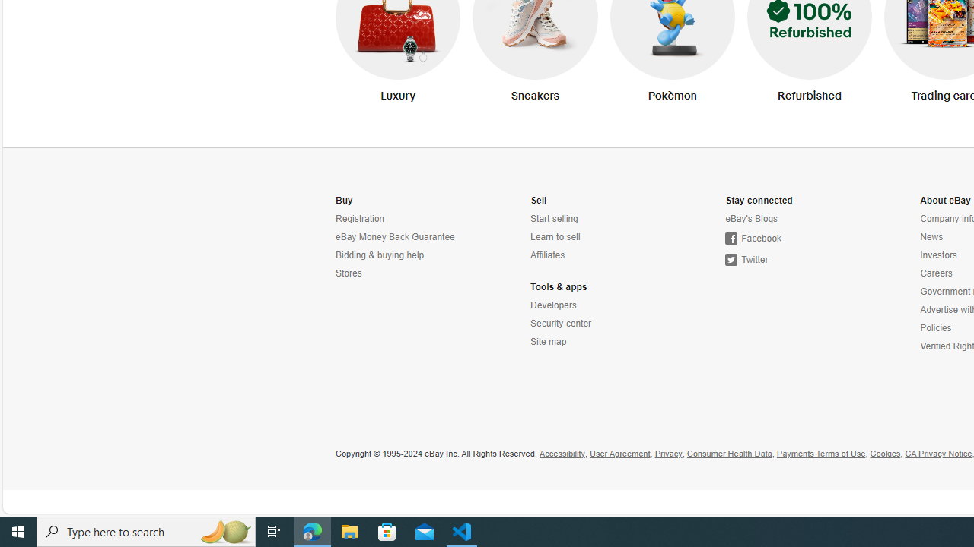  I want to click on 'Policies', so click(935, 327).